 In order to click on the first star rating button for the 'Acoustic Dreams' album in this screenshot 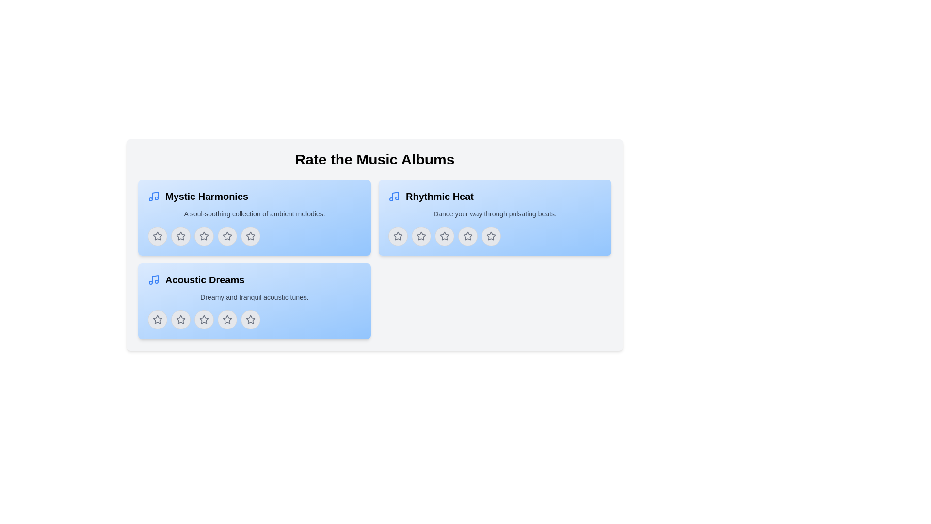, I will do `click(158, 320)`.